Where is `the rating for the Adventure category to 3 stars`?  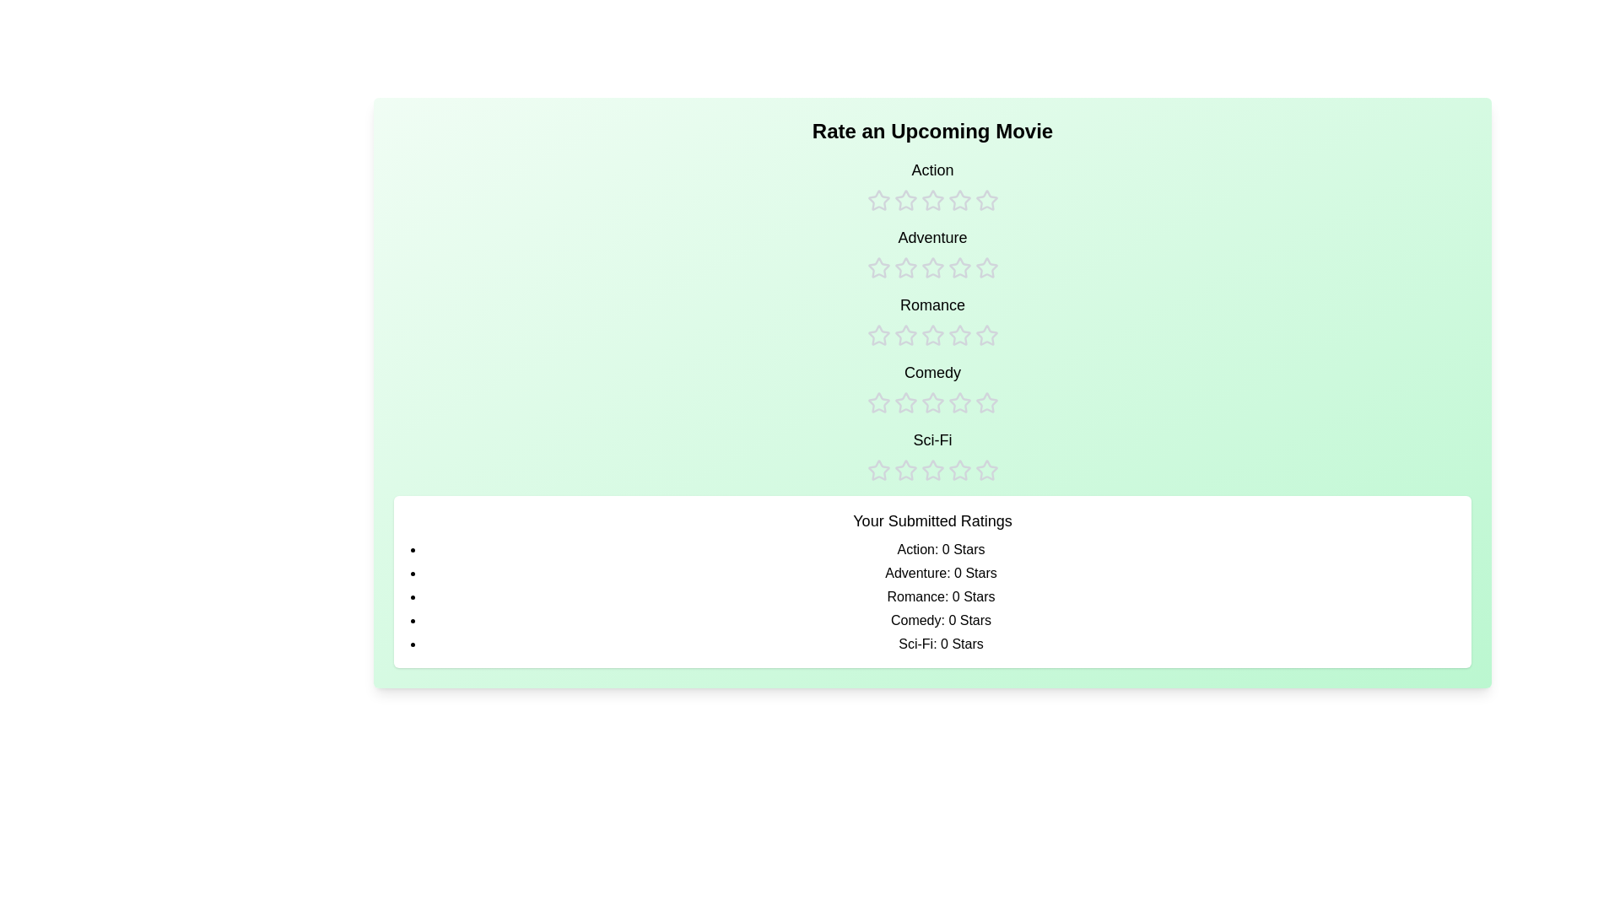
the rating for the Adventure category to 3 stars is located at coordinates (931, 253).